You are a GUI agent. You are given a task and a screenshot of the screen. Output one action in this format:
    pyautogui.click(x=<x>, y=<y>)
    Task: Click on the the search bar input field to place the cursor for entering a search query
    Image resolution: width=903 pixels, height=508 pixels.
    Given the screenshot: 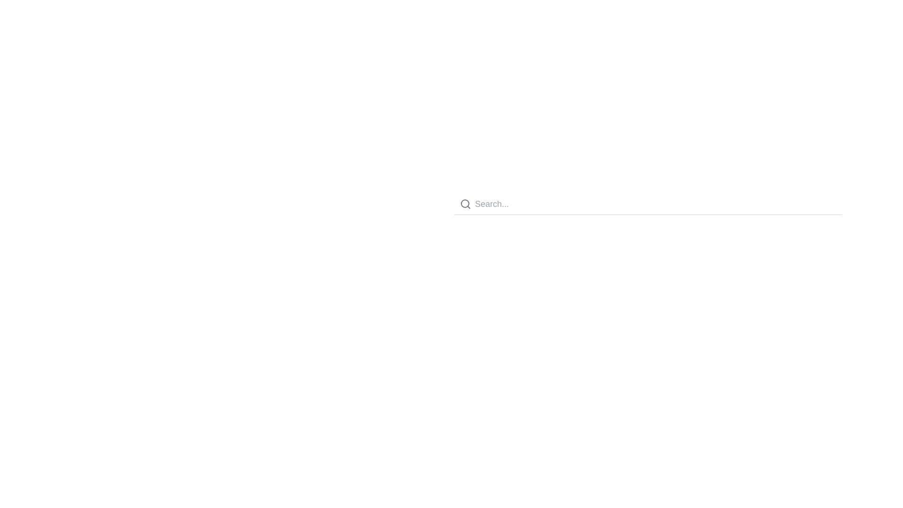 What is the action you would take?
    pyautogui.click(x=648, y=204)
    